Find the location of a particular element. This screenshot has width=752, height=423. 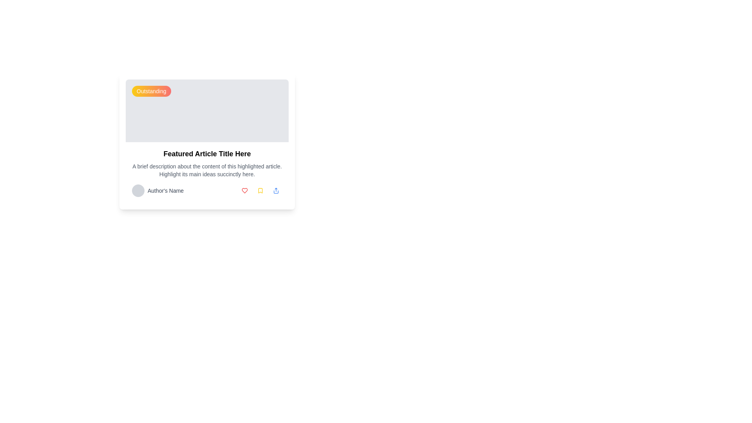

the label that displays the author's name associated with the article, located in the bottom-left section of the card, to the right of the circular avatar icon is located at coordinates (165, 190).